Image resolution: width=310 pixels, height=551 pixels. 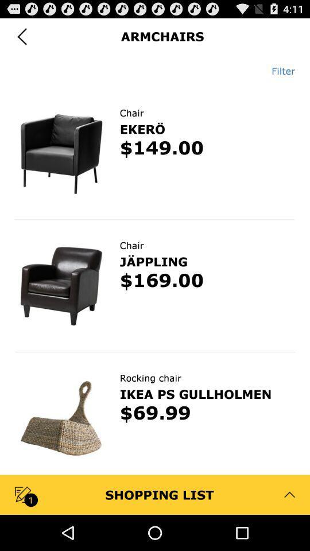 I want to click on the icon below the filter icon, so click(x=155, y=87).